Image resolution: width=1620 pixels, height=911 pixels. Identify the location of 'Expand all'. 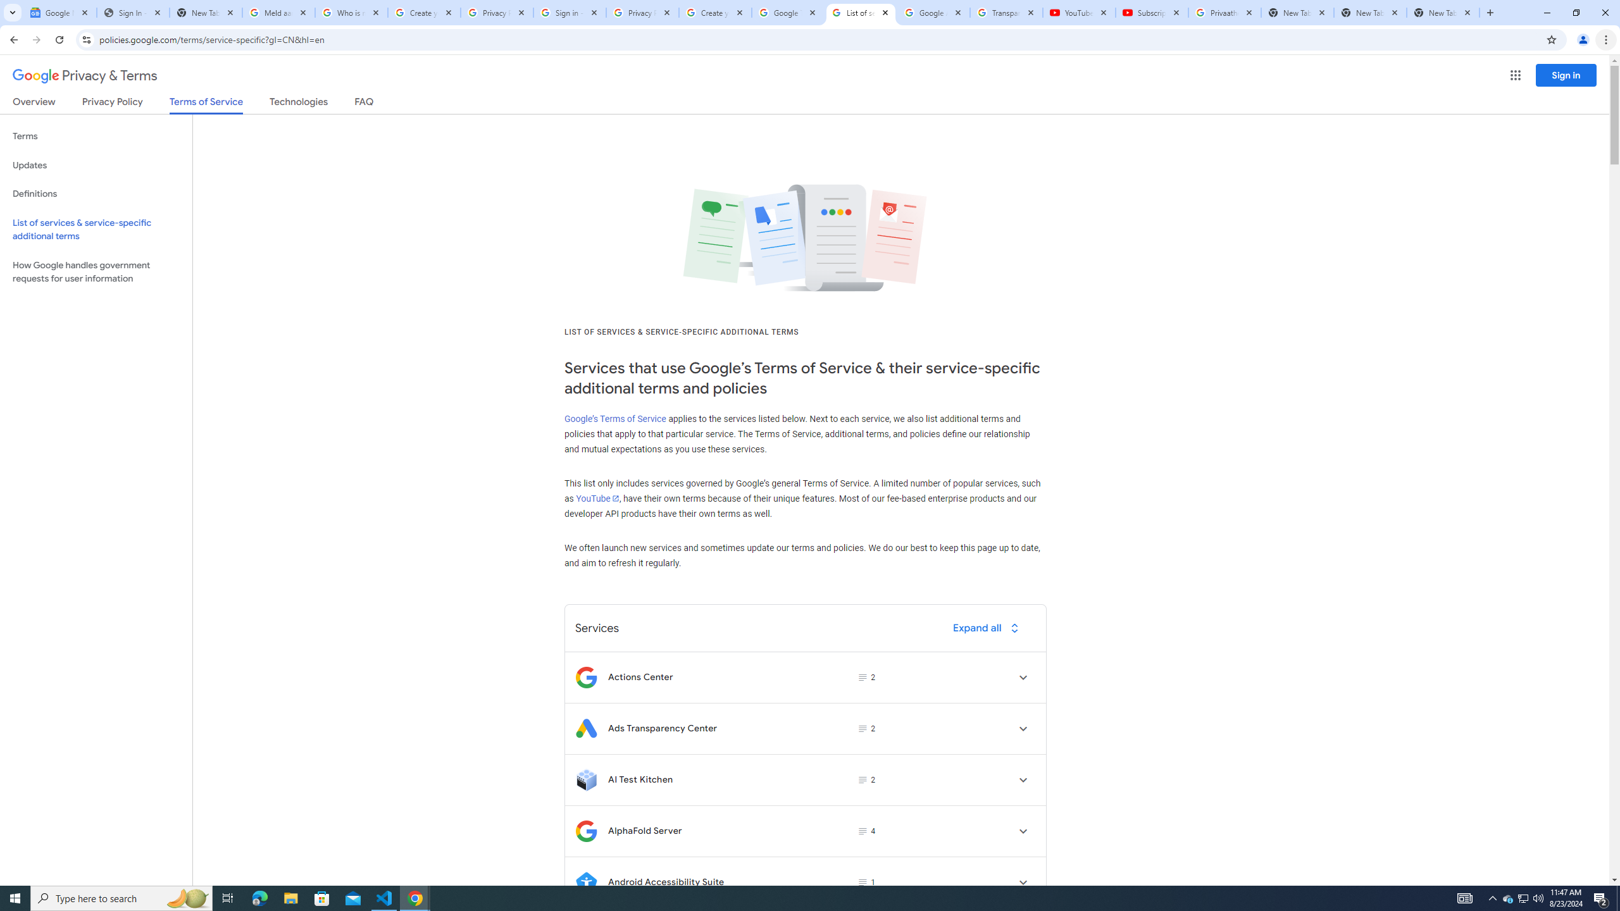
(988, 627).